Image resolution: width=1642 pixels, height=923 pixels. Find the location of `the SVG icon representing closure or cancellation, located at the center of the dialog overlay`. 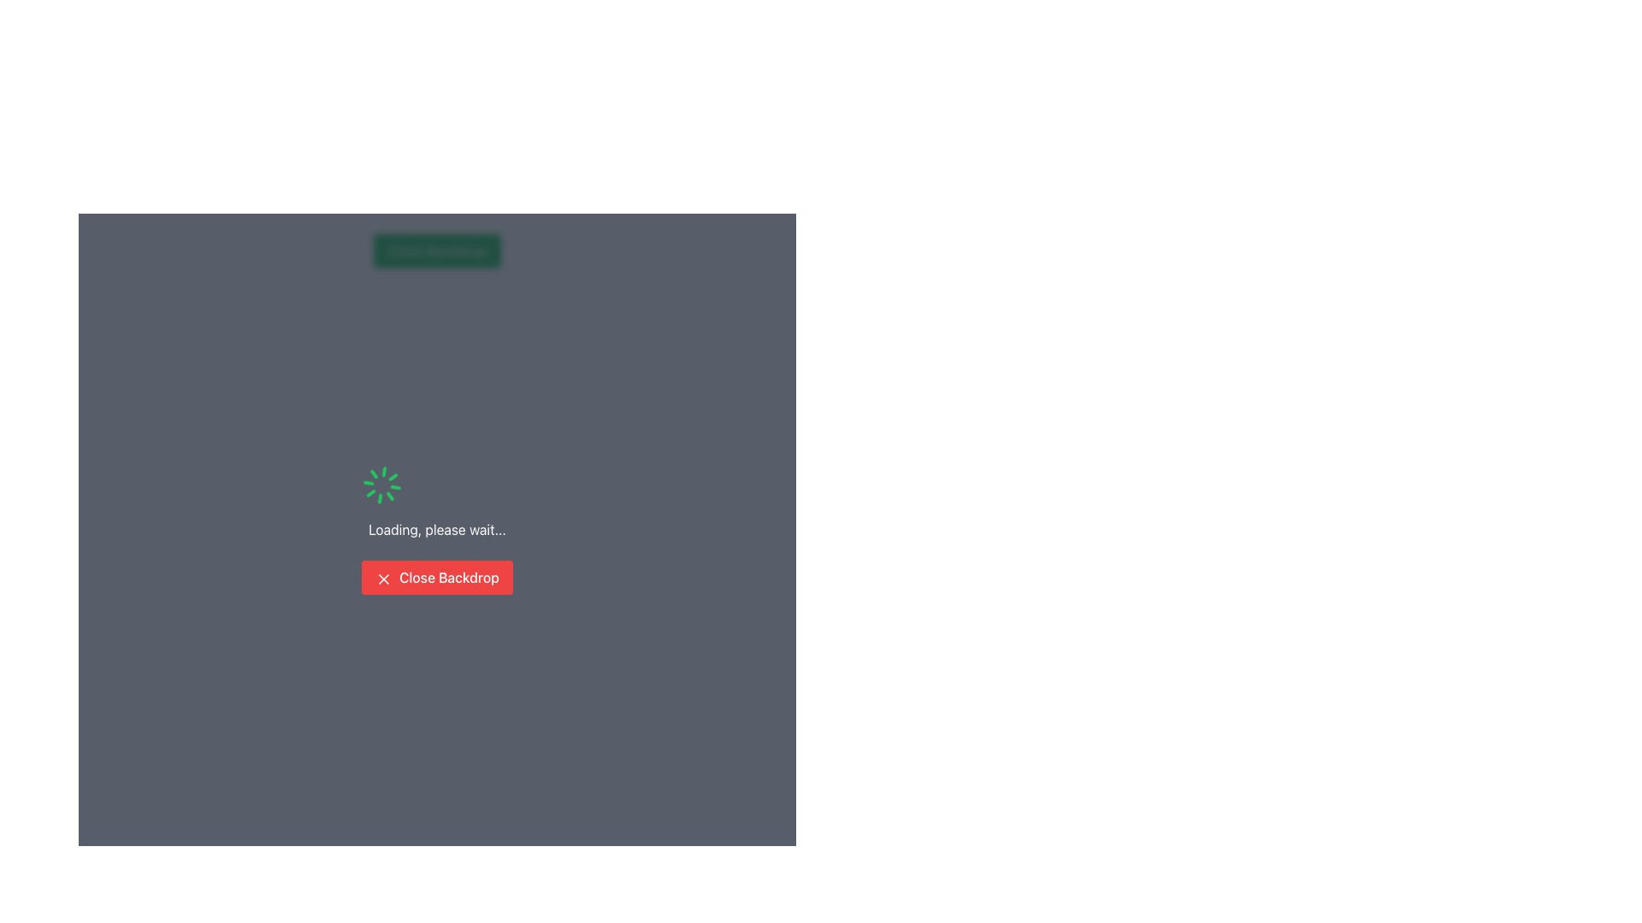

the SVG icon representing closure or cancellation, located at the center of the dialog overlay is located at coordinates (383, 578).